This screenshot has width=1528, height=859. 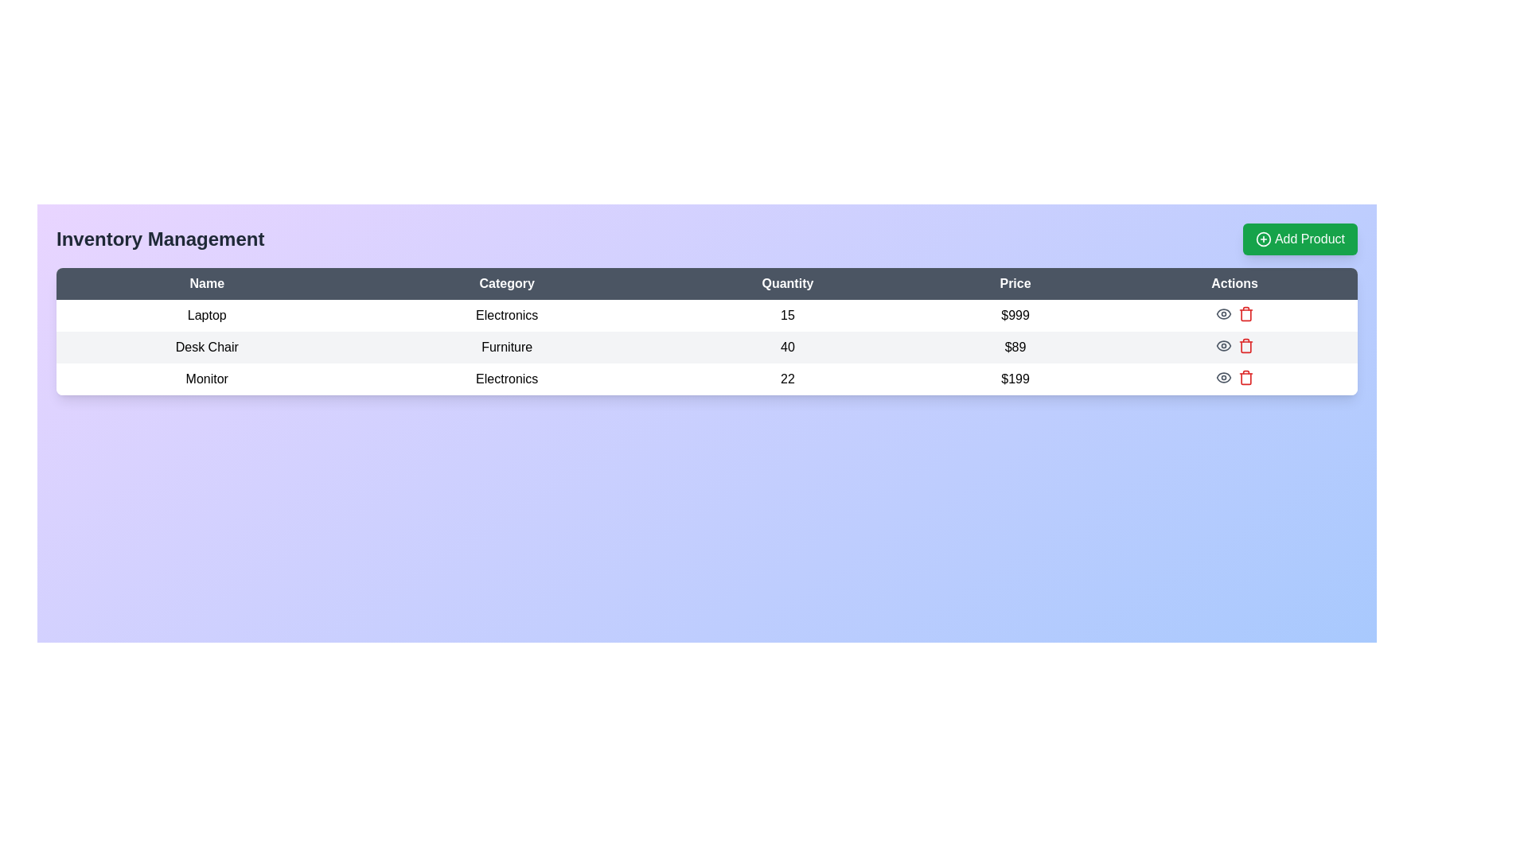 I want to click on the static text element that displays the quantity of 'Laptop' in the third column of the first row of the table, located between the 'Electronics' category and the '$999' price cell, so click(x=787, y=316).